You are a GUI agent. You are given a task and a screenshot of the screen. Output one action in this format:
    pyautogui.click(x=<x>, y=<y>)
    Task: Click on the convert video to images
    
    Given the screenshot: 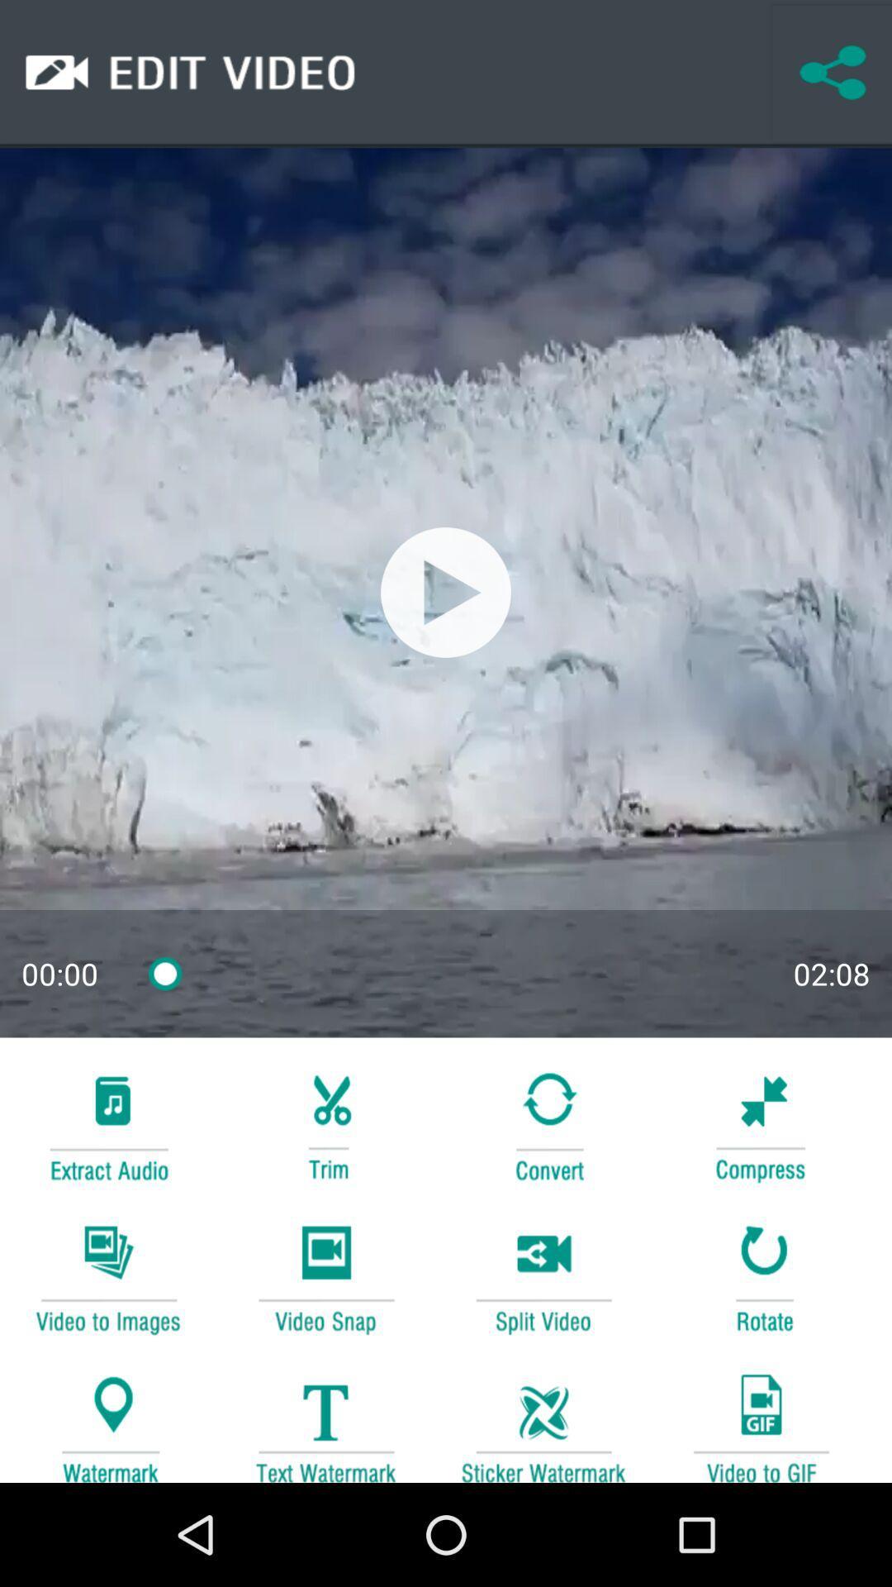 What is the action you would take?
    pyautogui.click(x=108, y=1276)
    